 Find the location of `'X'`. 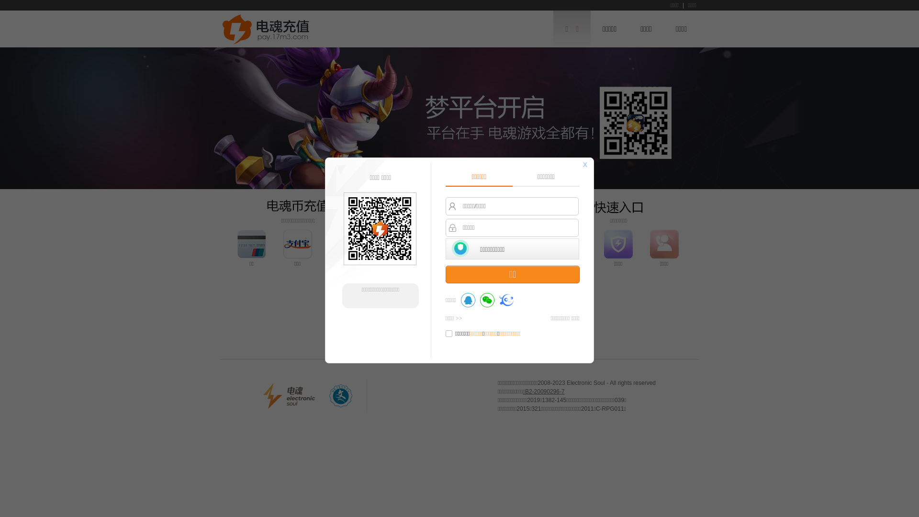

'X' is located at coordinates (584, 164).